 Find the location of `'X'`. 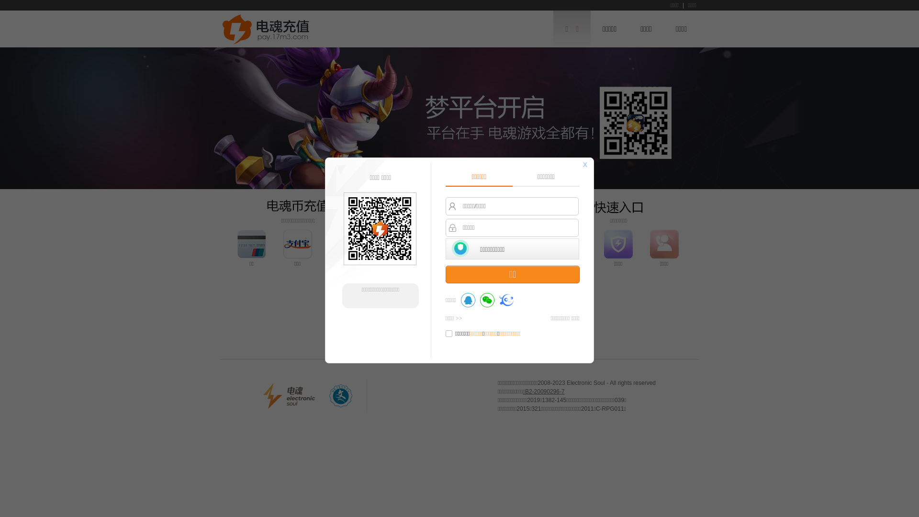

'X' is located at coordinates (584, 164).